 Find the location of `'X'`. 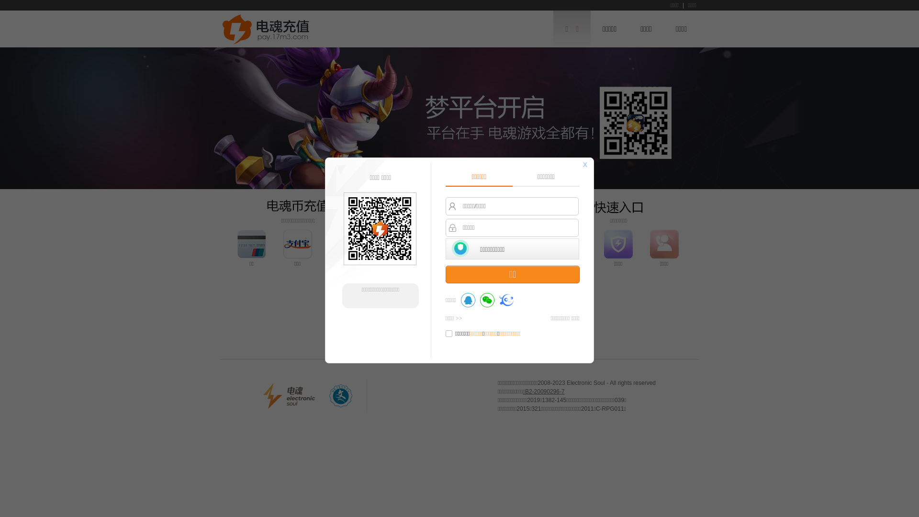

'X' is located at coordinates (584, 164).